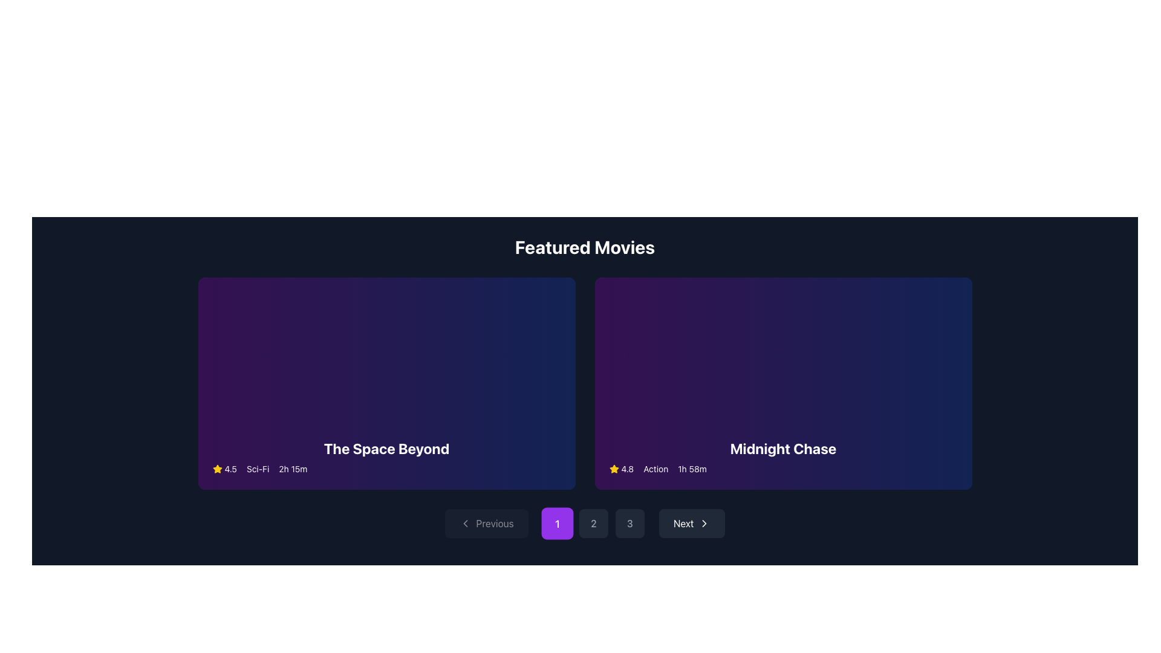  Describe the element at coordinates (593, 523) in the screenshot. I see `the square button with the numeral '2' that is centrally located in the bottom row of buttons` at that location.